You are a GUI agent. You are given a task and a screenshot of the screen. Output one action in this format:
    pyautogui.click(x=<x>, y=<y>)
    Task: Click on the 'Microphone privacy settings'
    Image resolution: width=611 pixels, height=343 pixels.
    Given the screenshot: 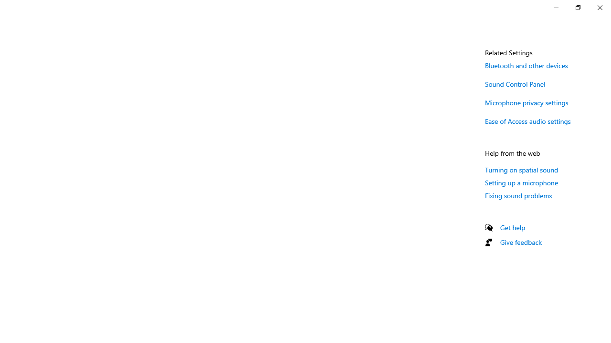 What is the action you would take?
    pyautogui.click(x=526, y=102)
    